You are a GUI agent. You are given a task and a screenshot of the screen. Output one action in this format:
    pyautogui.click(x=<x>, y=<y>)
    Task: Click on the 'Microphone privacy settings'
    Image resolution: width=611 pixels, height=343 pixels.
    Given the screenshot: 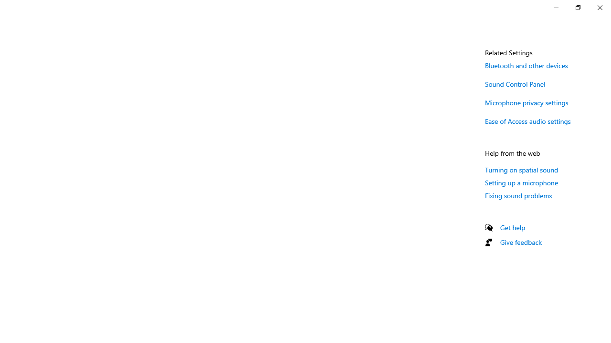 What is the action you would take?
    pyautogui.click(x=526, y=102)
    